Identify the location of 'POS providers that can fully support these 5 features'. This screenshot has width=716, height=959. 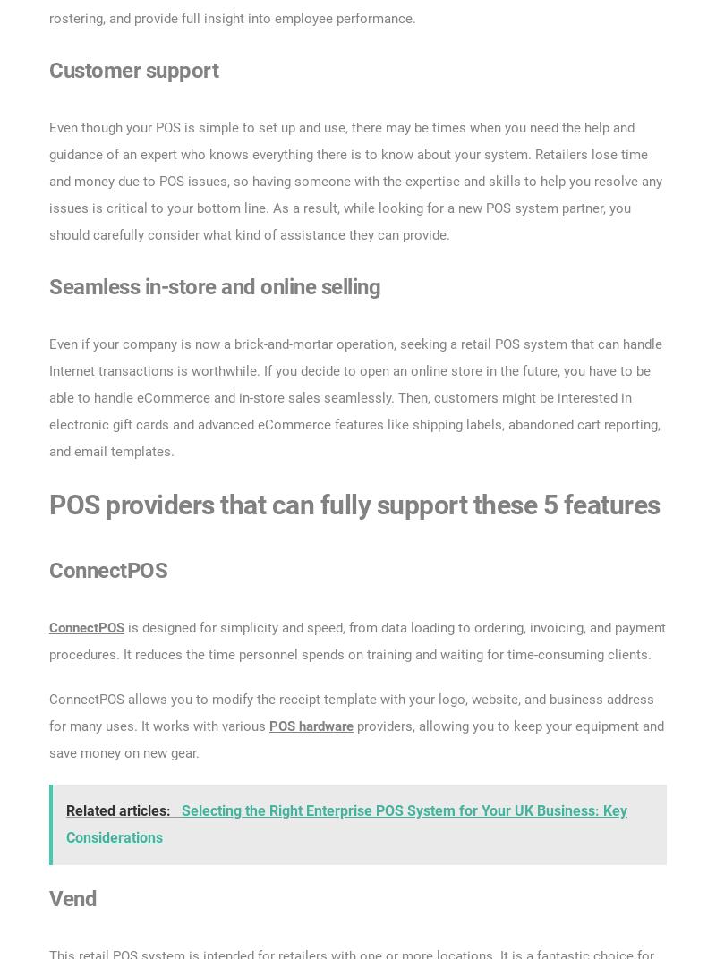
(354, 503).